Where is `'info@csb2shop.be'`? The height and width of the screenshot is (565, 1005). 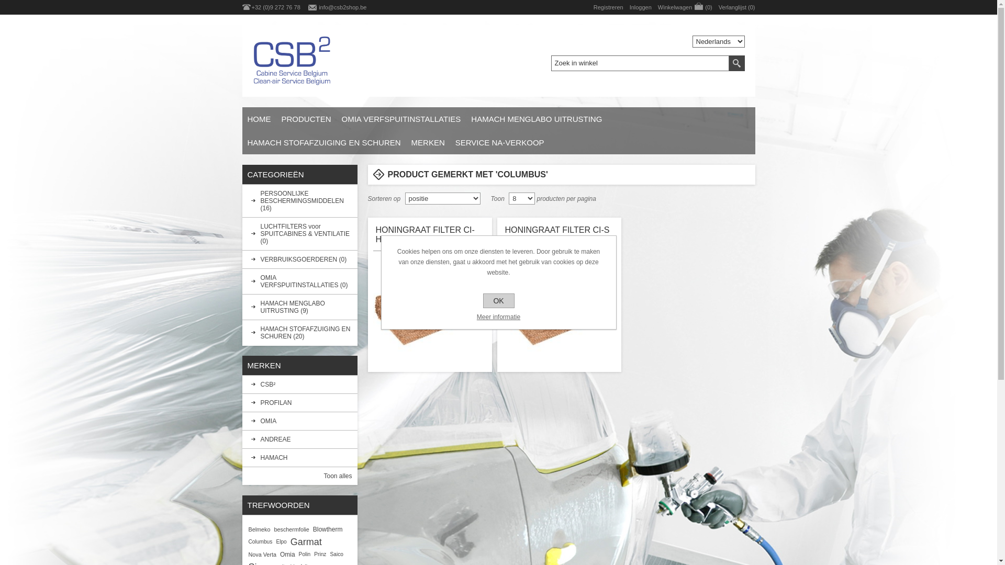 'info@csb2shop.be' is located at coordinates (342, 7).